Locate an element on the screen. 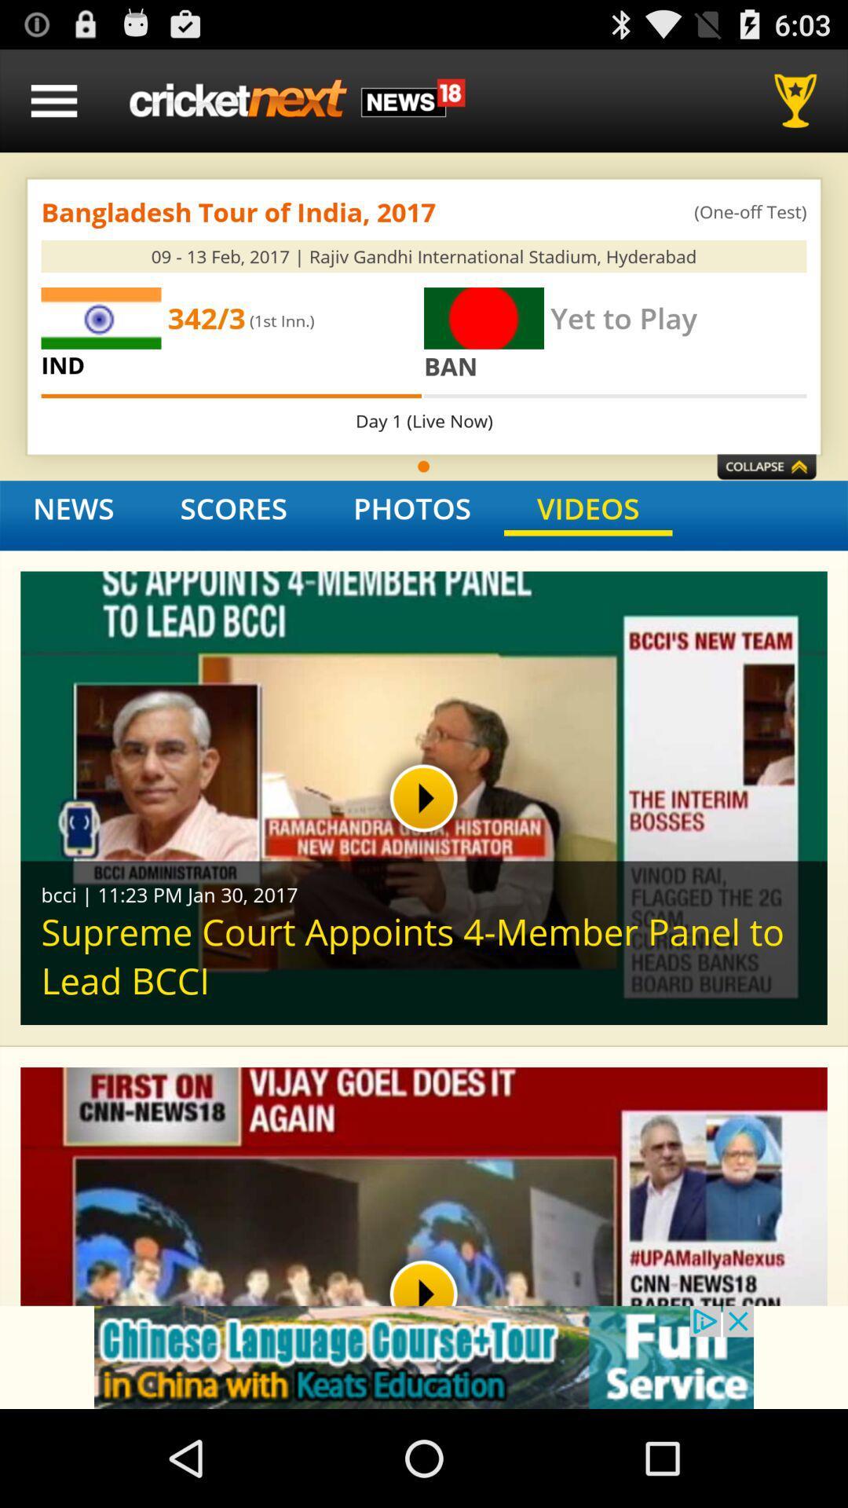  the menu icon is located at coordinates (53, 107).